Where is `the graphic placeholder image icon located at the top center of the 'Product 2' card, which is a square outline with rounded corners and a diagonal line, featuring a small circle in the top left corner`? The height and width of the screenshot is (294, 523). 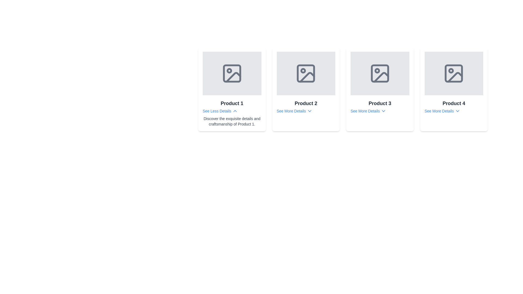 the graphic placeholder image icon located at the top center of the 'Product 2' card, which is a square outline with rounded corners and a diagonal line, featuring a small circle in the top left corner is located at coordinates (306, 73).